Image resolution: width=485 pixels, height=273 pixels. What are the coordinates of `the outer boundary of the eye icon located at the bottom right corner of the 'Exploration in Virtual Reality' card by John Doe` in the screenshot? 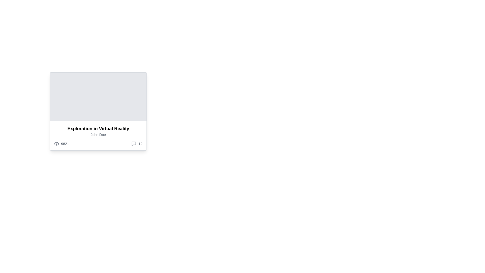 It's located at (57, 144).